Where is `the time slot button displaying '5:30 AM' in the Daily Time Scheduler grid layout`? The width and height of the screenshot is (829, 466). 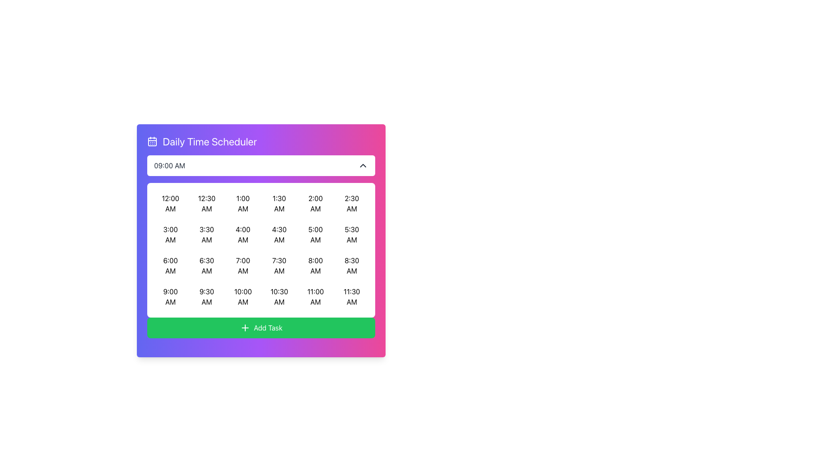 the time slot button displaying '5:30 AM' in the Daily Time Scheduler grid layout is located at coordinates (352, 234).